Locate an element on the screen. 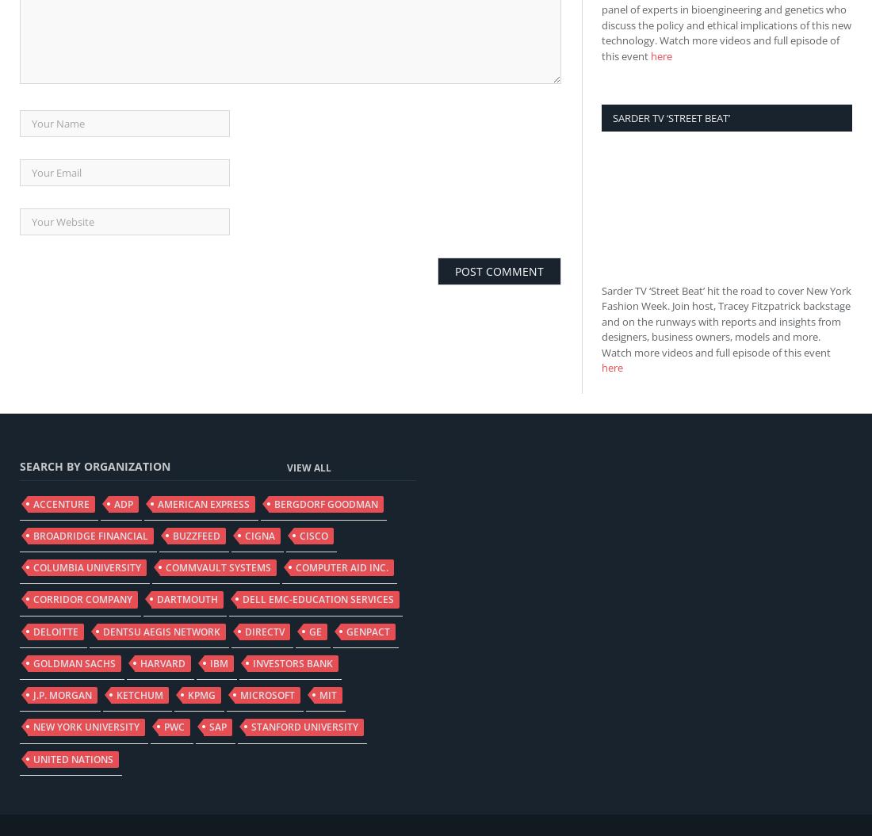 The image size is (872, 836). 'Stanford University' is located at coordinates (251, 726).